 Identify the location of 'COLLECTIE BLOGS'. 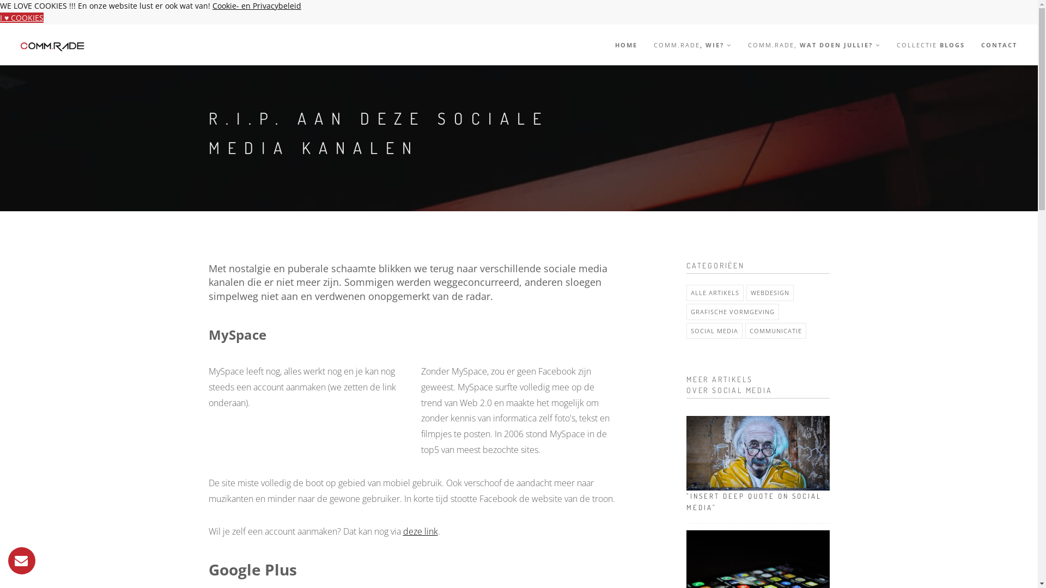
(930, 44).